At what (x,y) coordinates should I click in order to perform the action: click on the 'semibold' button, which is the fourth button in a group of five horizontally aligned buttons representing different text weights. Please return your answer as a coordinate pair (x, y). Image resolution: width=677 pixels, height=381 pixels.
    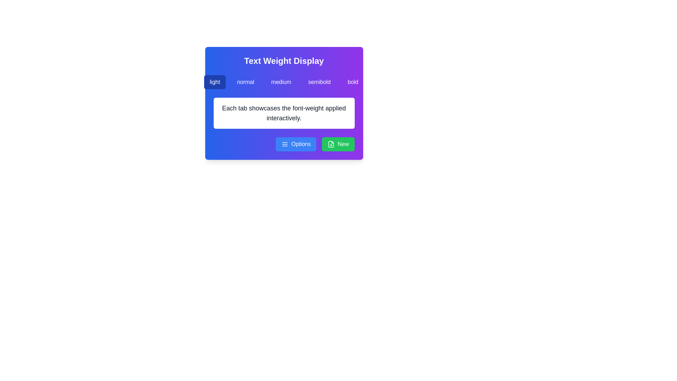
    Looking at the image, I should click on (319, 81).